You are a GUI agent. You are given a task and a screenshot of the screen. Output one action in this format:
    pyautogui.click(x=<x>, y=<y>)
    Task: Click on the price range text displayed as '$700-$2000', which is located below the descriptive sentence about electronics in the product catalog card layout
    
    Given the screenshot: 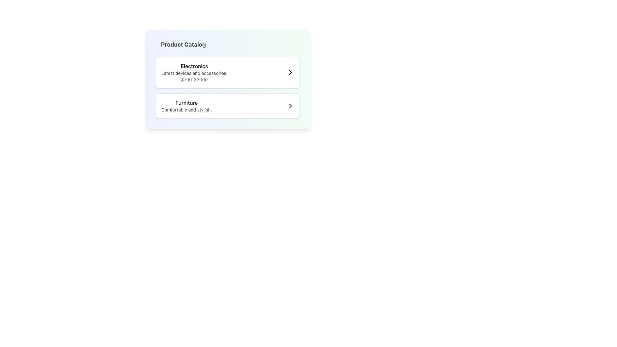 What is the action you would take?
    pyautogui.click(x=194, y=79)
    